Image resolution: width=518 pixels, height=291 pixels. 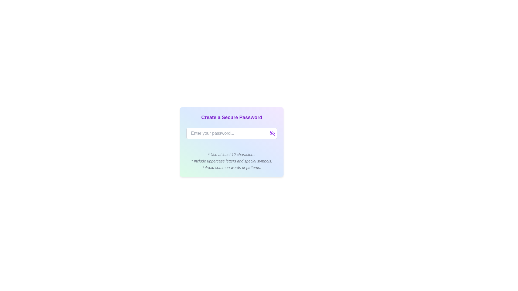 What do you see at coordinates (232, 161) in the screenshot?
I see `textual instruction labeled '* Include uppercase letters and special symbols.' which is the second line in a vertical list of password creation guidelines` at bounding box center [232, 161].